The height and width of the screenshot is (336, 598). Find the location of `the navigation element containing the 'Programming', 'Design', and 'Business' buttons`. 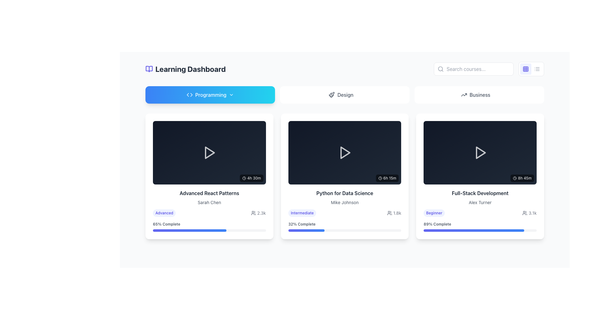

the navigation element containing the 'Programming', 'Design', and 'Business' buttons is located at coordinates (344, 95).